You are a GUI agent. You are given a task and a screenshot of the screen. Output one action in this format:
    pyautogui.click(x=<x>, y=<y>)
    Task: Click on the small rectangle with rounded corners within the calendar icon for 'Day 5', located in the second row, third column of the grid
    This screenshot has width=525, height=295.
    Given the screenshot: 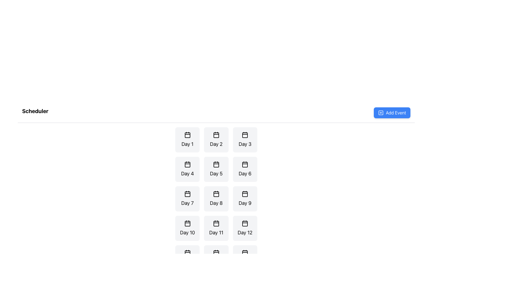 What is the action you would take?
    pyautogui.click(x=216, y=164)
    